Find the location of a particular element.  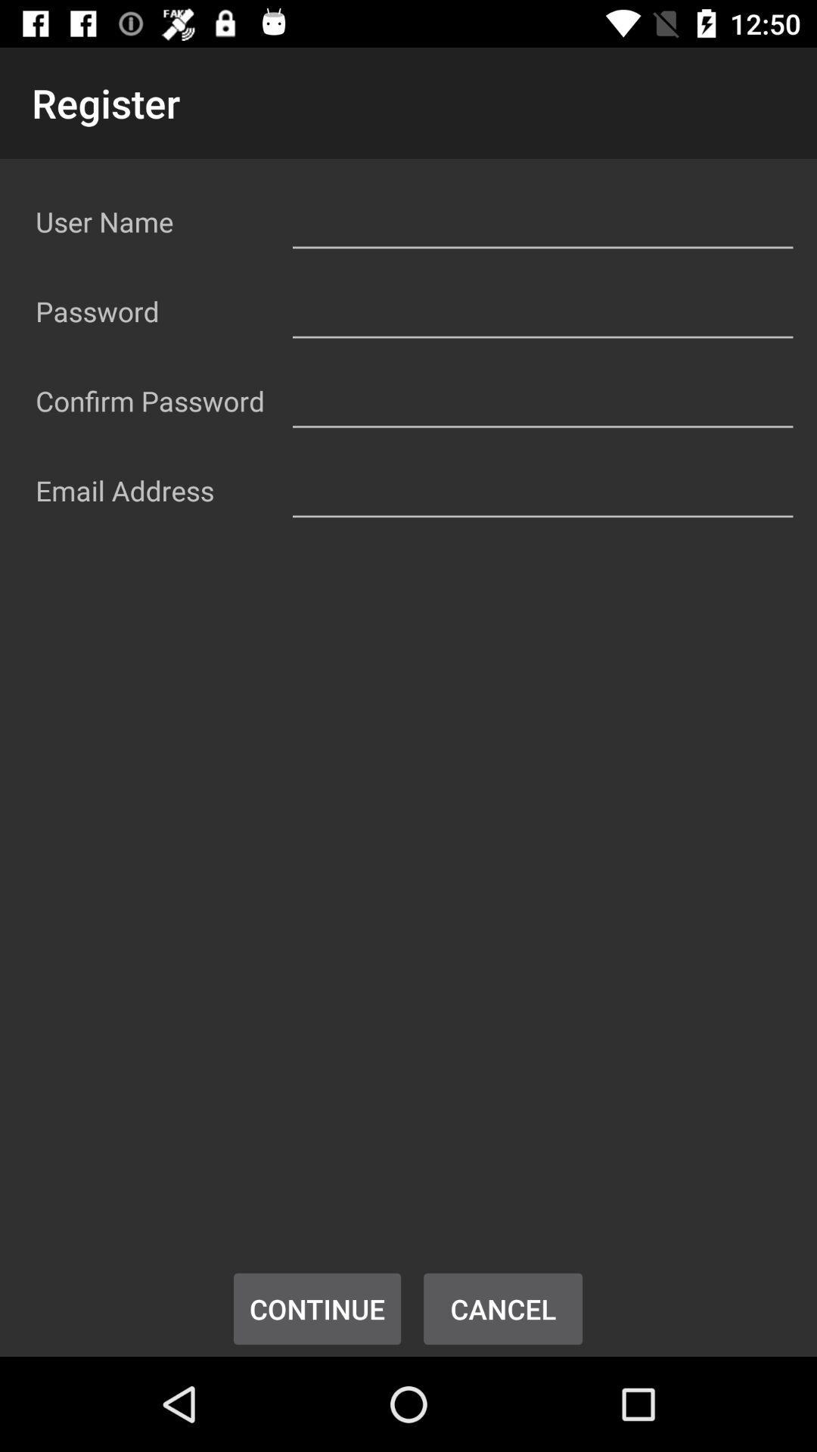

tap on the cancel button that is right to continue button is located at coordinates (503, 1308).